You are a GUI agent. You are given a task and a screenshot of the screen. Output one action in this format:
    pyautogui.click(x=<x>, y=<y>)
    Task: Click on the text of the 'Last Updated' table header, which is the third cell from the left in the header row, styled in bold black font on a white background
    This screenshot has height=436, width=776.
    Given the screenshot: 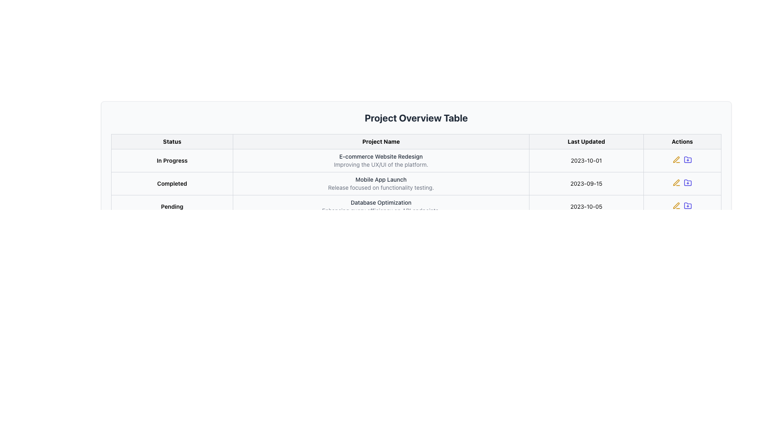 What is the action you would take?
    pyautogui.click(x=586, y=141)
    